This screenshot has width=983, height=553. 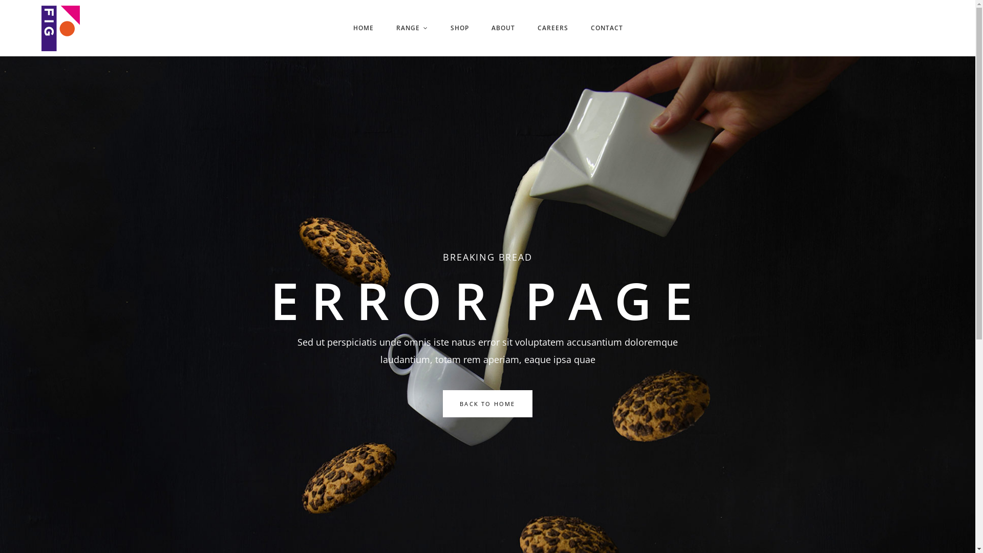 What do you see at coordinates (412, 27) in the screenshot?
I see `'RANGE'` at bounding box center [412, 27].